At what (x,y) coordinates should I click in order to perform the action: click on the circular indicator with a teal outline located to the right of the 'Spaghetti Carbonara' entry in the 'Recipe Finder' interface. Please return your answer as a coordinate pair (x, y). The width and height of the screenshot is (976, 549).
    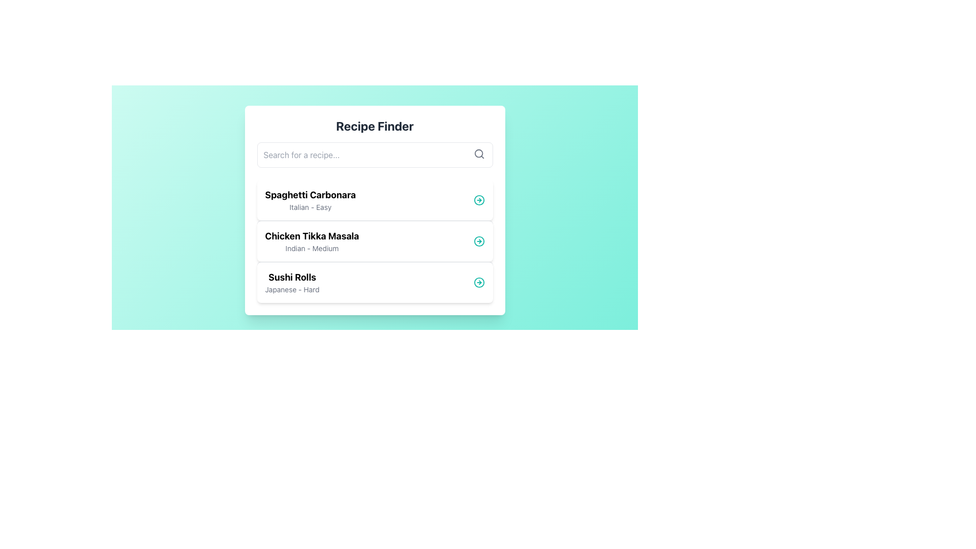
    Looking at the image, I should click on (478, 200).